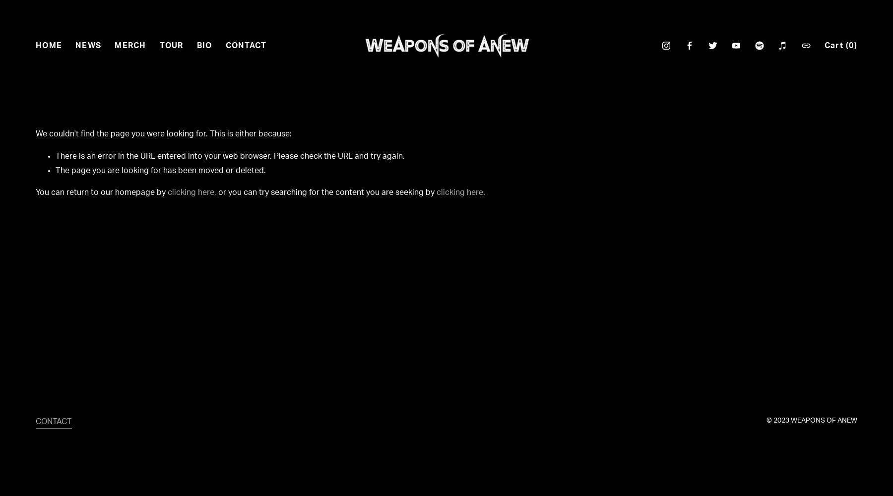  I want to click on ')', so click(855, 45).